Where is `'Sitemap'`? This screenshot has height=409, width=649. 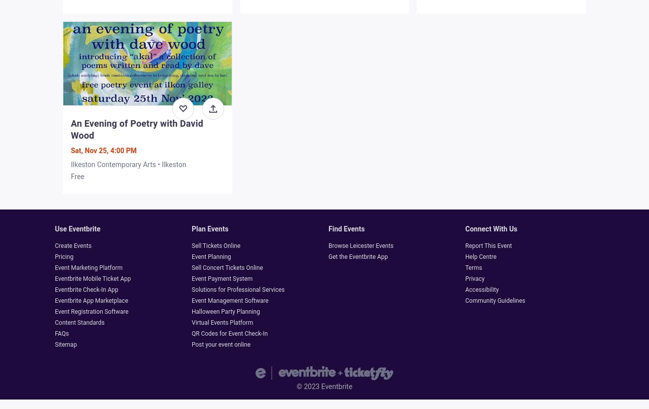
'Sitemap' is located at coordinates (54, 345).